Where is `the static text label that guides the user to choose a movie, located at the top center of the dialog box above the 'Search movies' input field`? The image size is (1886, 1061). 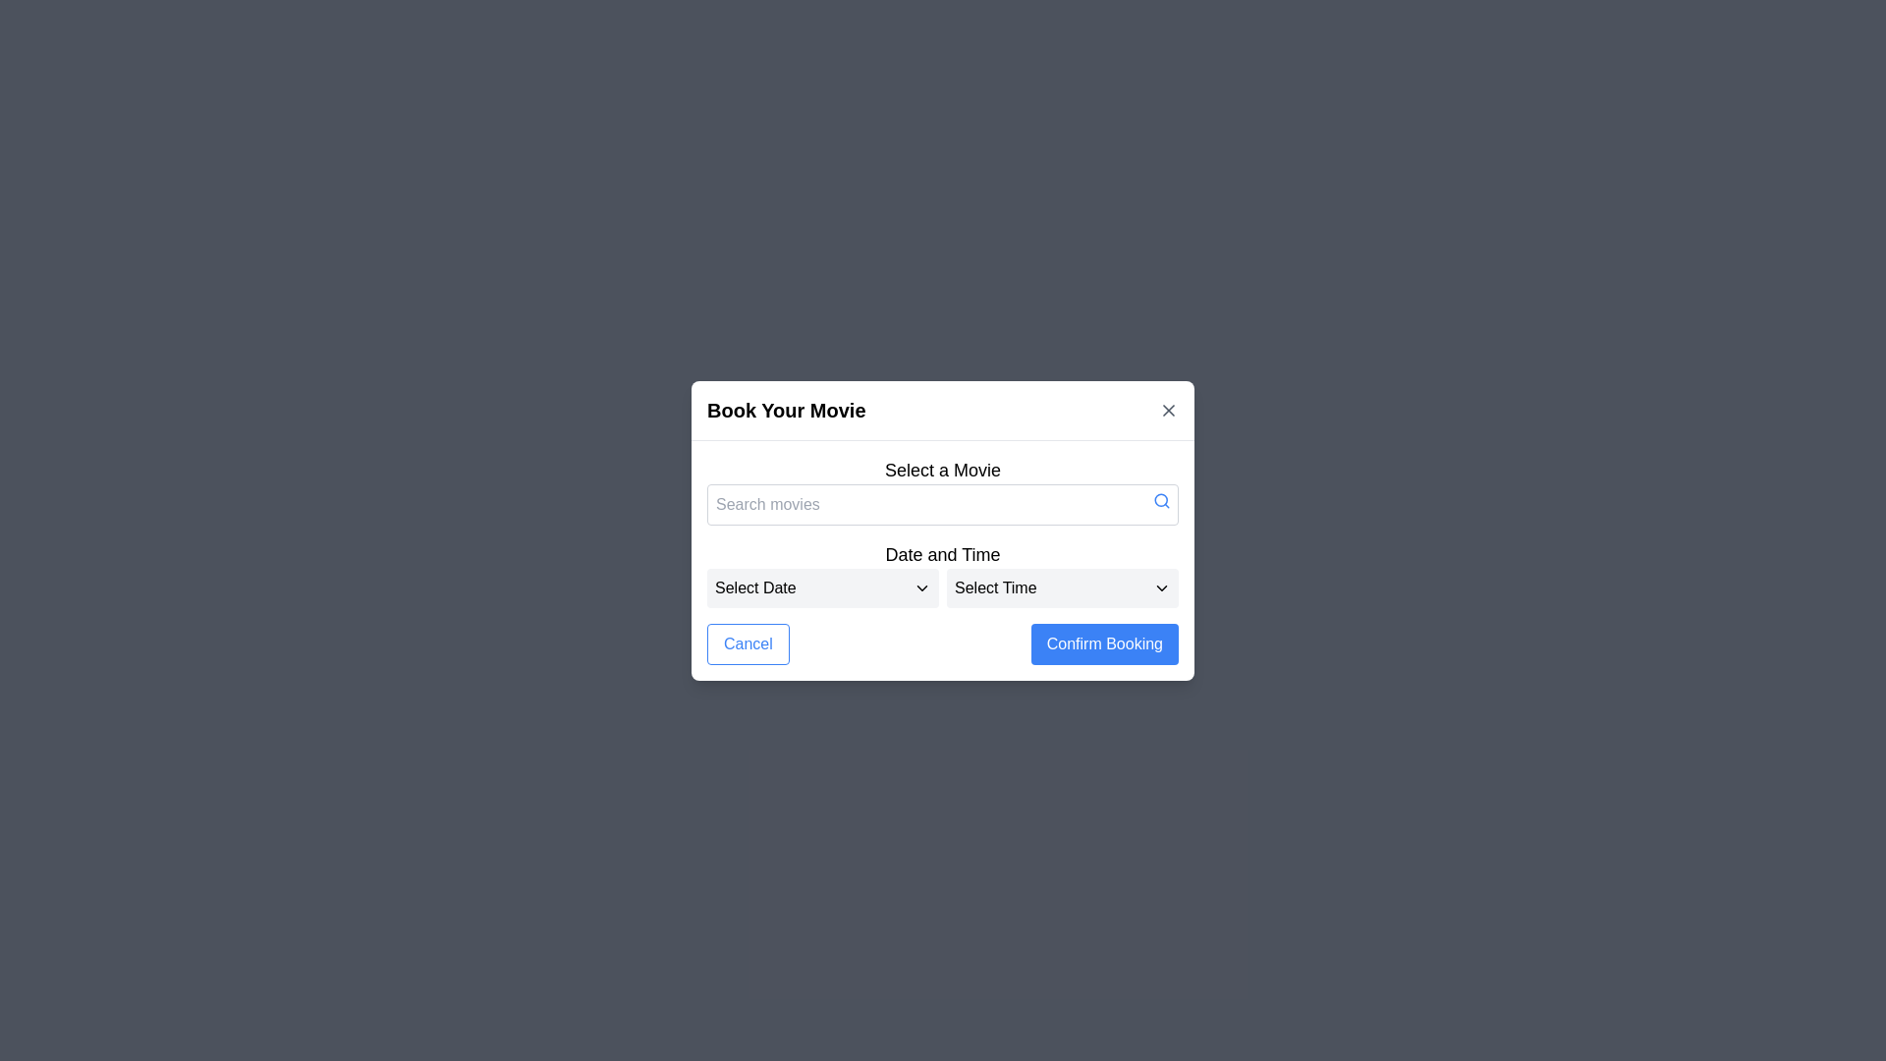 the static text label that guides the user to choose a movie, located at the top center of the dialog box above the 'Search movies' input field is located at coordinates (943, 470).